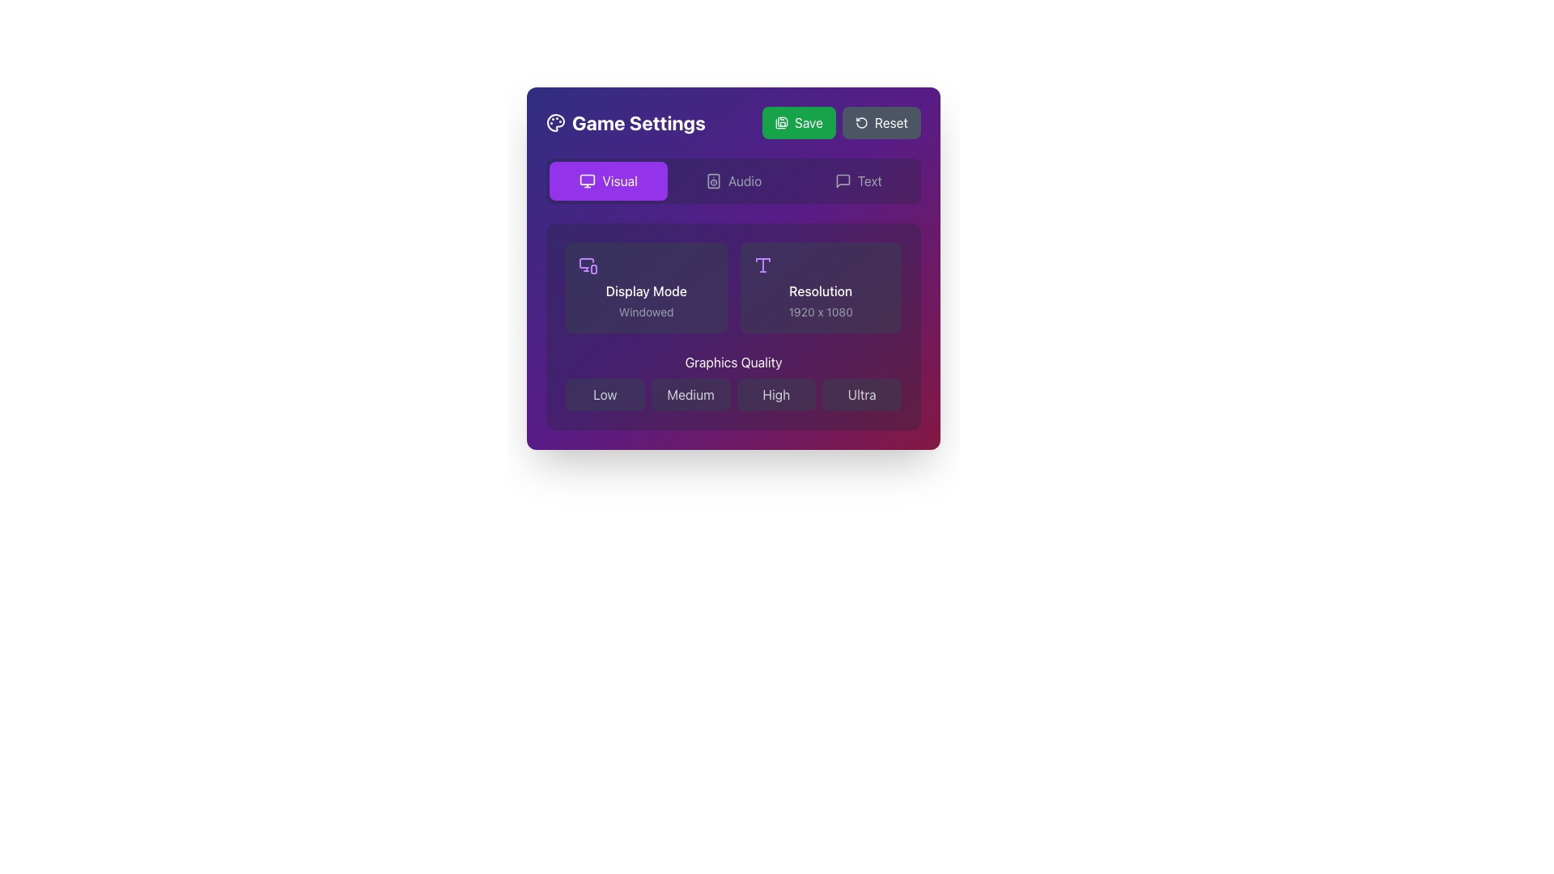 Image resolution: width=1554 pixels, height=874 pixels. I want to click on one of the buttons labeled 'Low', 'Medium', 'High', or 'Ultra' in the graphics quality selection group, so click(732, 381).